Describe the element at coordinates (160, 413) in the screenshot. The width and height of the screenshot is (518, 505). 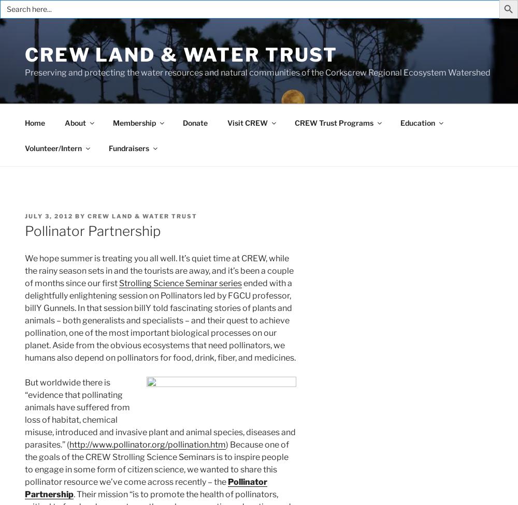
I see `'But worldwide there is “evidence that pollinating animals have suffered from loss of habitat, chemical misuse, introduced and invasive plant and animal species, diseases and parasites.” ('` at that location.